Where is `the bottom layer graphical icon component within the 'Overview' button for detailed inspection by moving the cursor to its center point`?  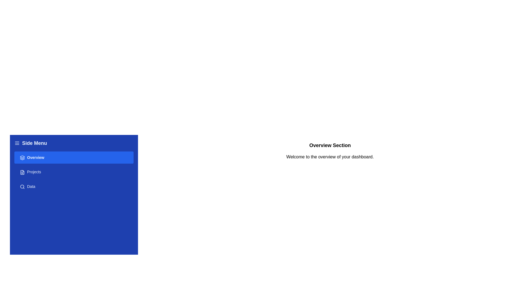
the bottom layer graphical icon component within the 'Overview' button for detailed inspection by moving the cursor to its center point is located at coordinates (22, 159).